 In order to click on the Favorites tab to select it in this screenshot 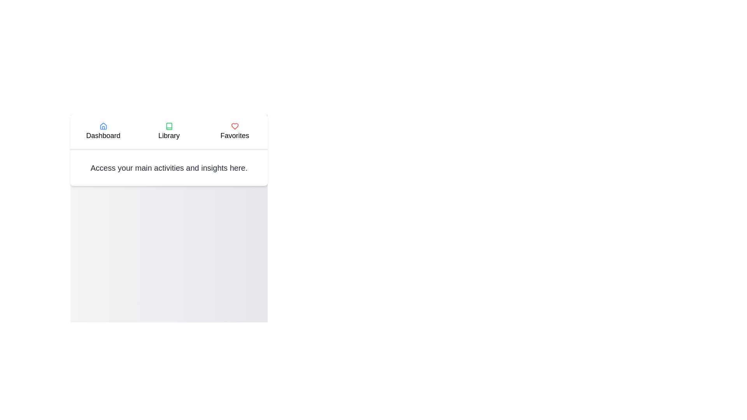, I will do `click(234, 131)`.